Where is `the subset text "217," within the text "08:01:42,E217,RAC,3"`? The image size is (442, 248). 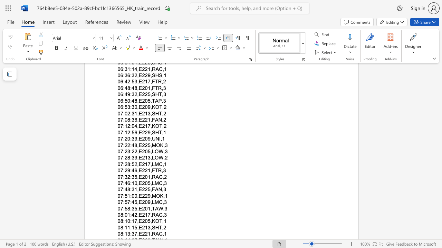 the subset text "217," within the text "08:01:42,E217,RAC,3" is located at coordinates (142, 215).